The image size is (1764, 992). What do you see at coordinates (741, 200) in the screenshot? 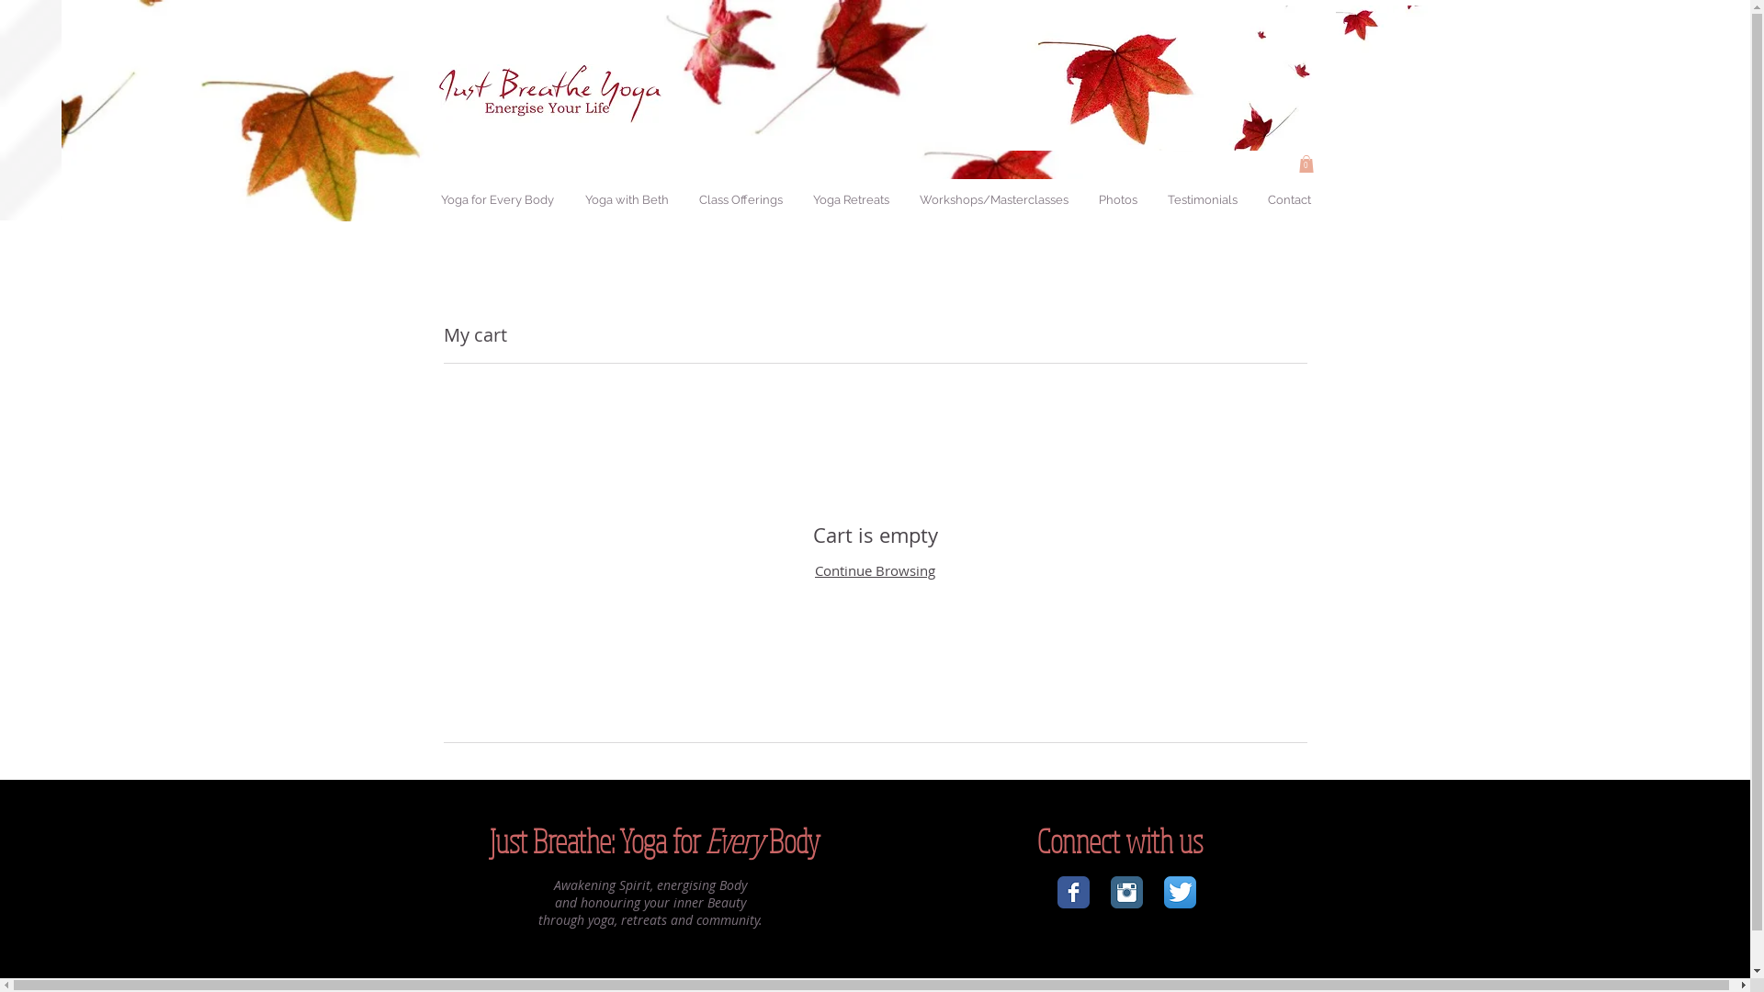
I see `'Class Offerings'` at bounding box center [741, 200].